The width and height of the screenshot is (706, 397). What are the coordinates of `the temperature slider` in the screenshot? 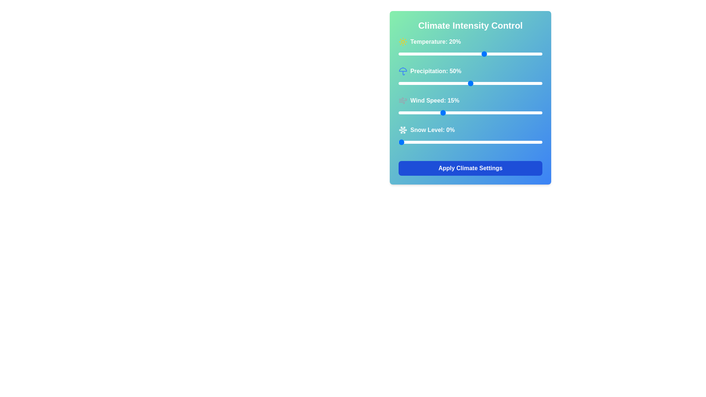 It's located at (467, 53).